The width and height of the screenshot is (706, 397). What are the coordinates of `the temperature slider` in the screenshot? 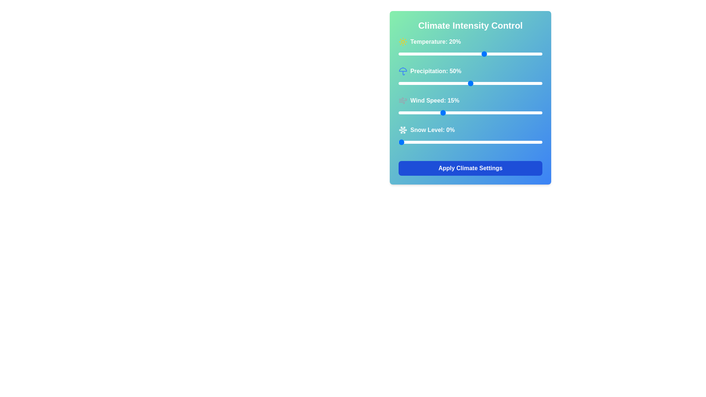 It's located at (467, 53).